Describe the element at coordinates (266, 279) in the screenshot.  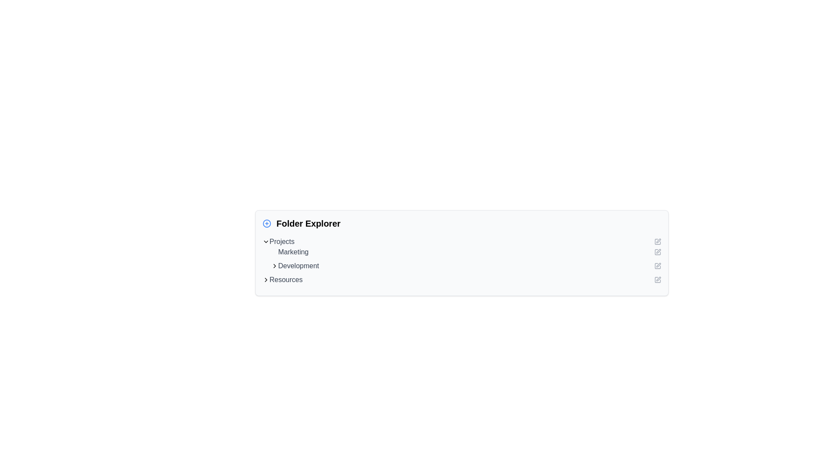
I see `the Chevron navigation icon located just to the left of the 'Resources' label` at that location.